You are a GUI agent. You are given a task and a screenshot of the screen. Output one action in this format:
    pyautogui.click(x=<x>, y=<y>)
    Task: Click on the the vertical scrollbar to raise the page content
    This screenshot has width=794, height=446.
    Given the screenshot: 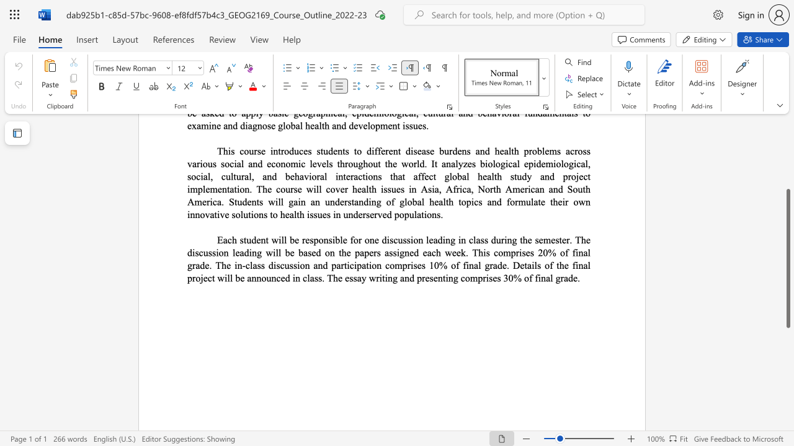 What is the action you would take?
    pyautogui.click(x=787, y=154)
    